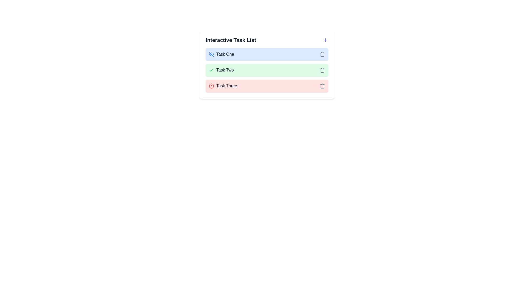 This screenshot has height=285, width=507. I want to click on on the text label that serves as the descriptive title for the second task in the list, located, so click(221, 70).